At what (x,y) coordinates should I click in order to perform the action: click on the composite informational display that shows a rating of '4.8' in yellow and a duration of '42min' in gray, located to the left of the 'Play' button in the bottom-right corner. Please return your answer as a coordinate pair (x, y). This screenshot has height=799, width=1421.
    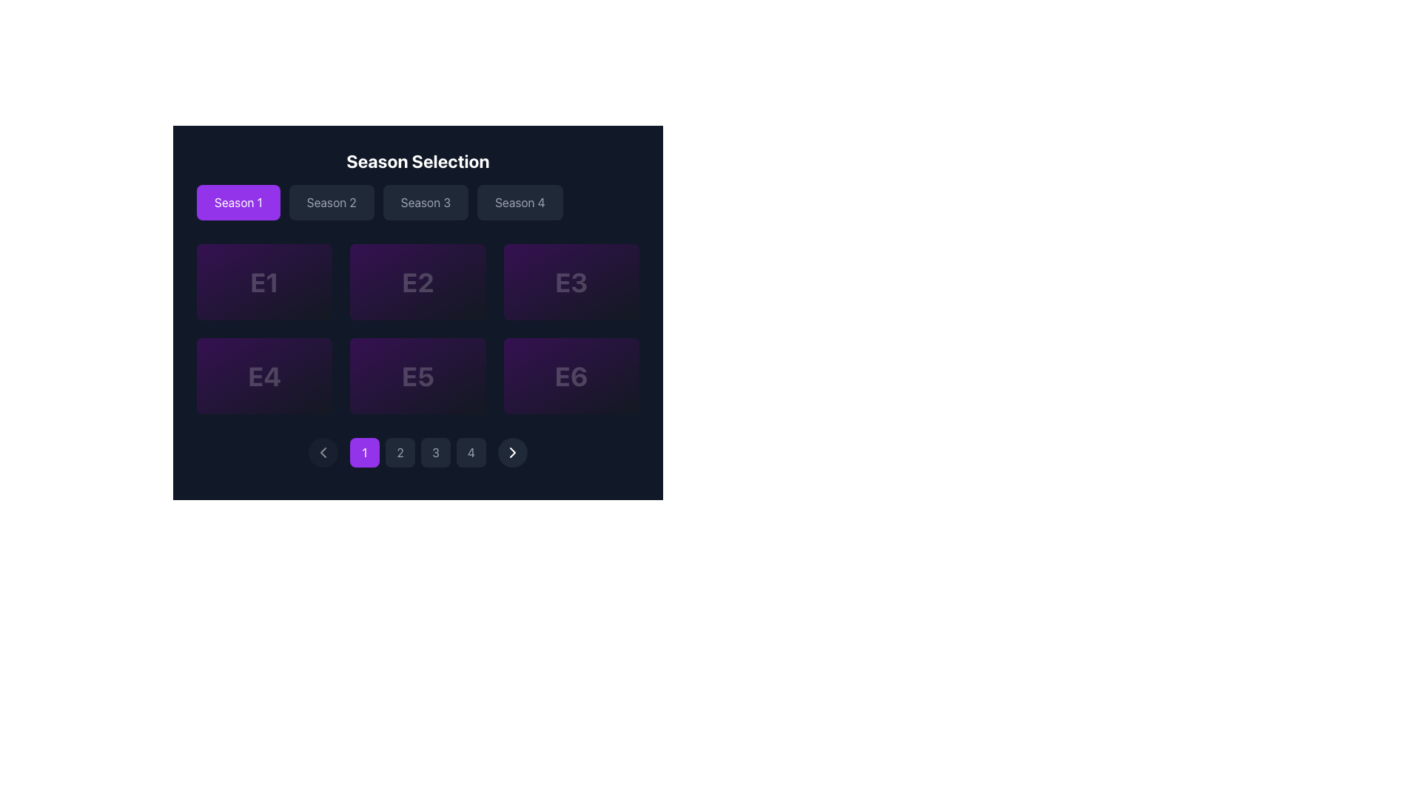
    Looking at the image, I should click on (561, 337).